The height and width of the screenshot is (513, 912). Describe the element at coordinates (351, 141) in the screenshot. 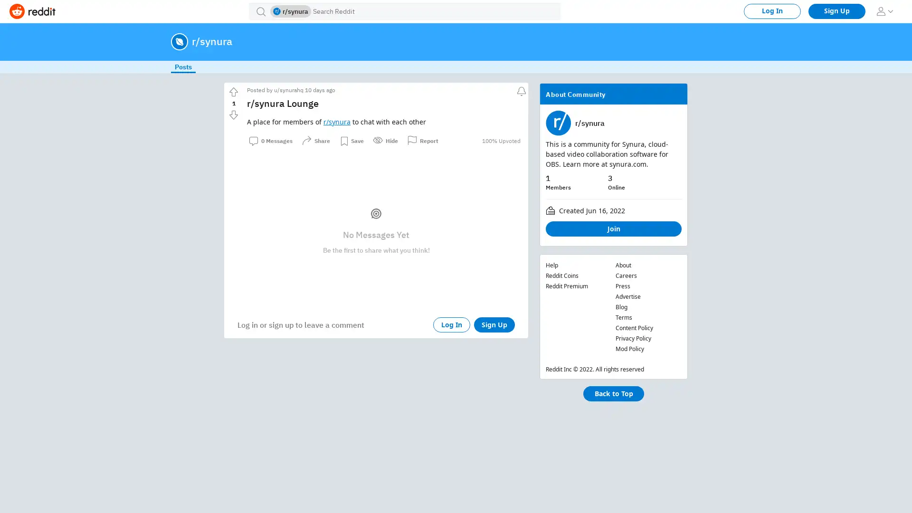

I see `Save` at that location.